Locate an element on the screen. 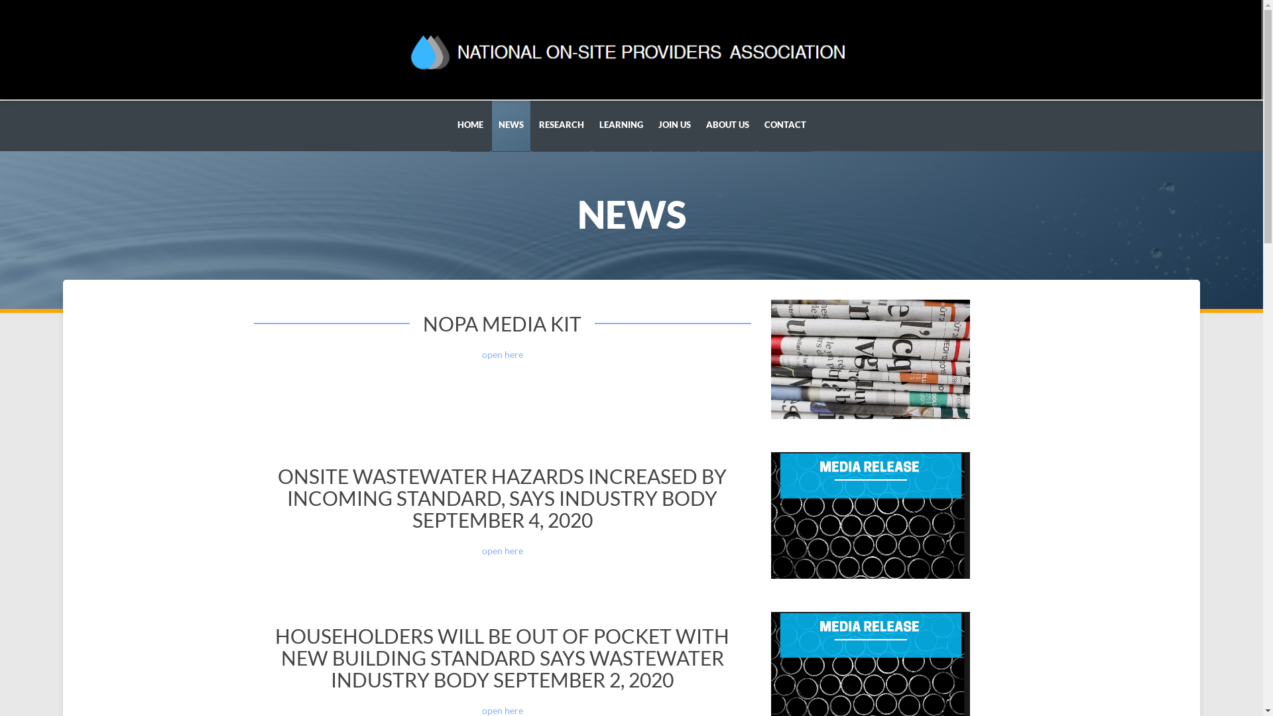 The height and width of the screenshot is (716, 1273). 'NEWS' is located at coordinates (511, 126).